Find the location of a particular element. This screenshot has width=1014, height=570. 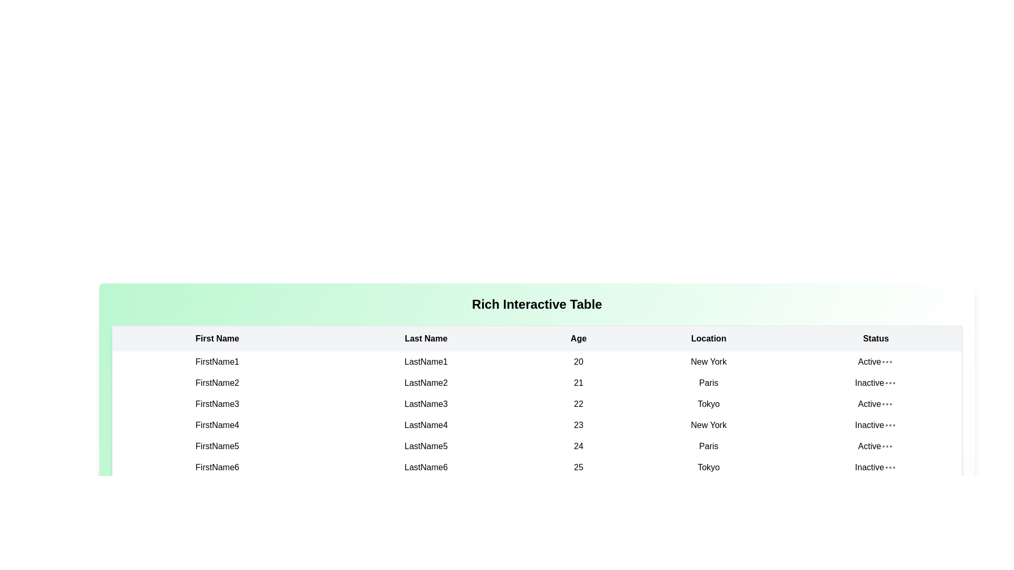

the table area to focus it for keyboard interactions is located at coordinates (537, 372).